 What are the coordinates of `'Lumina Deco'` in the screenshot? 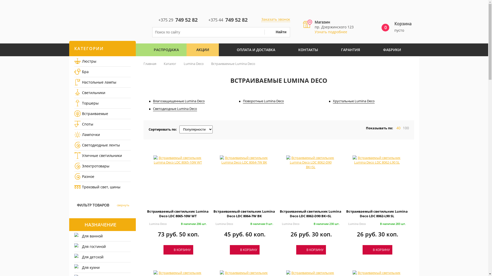 It's located at (224, 223).